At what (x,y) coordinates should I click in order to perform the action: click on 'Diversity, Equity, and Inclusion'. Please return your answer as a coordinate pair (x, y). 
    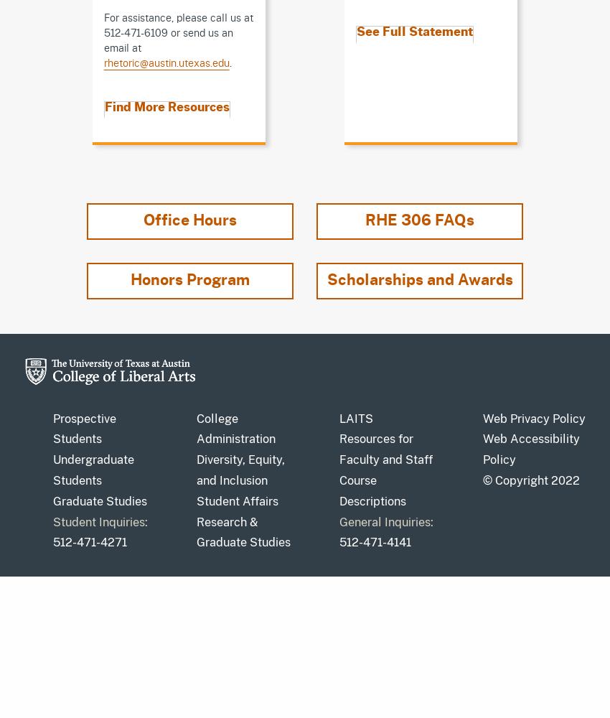
    Looking at the image, I should click on (240, 470).